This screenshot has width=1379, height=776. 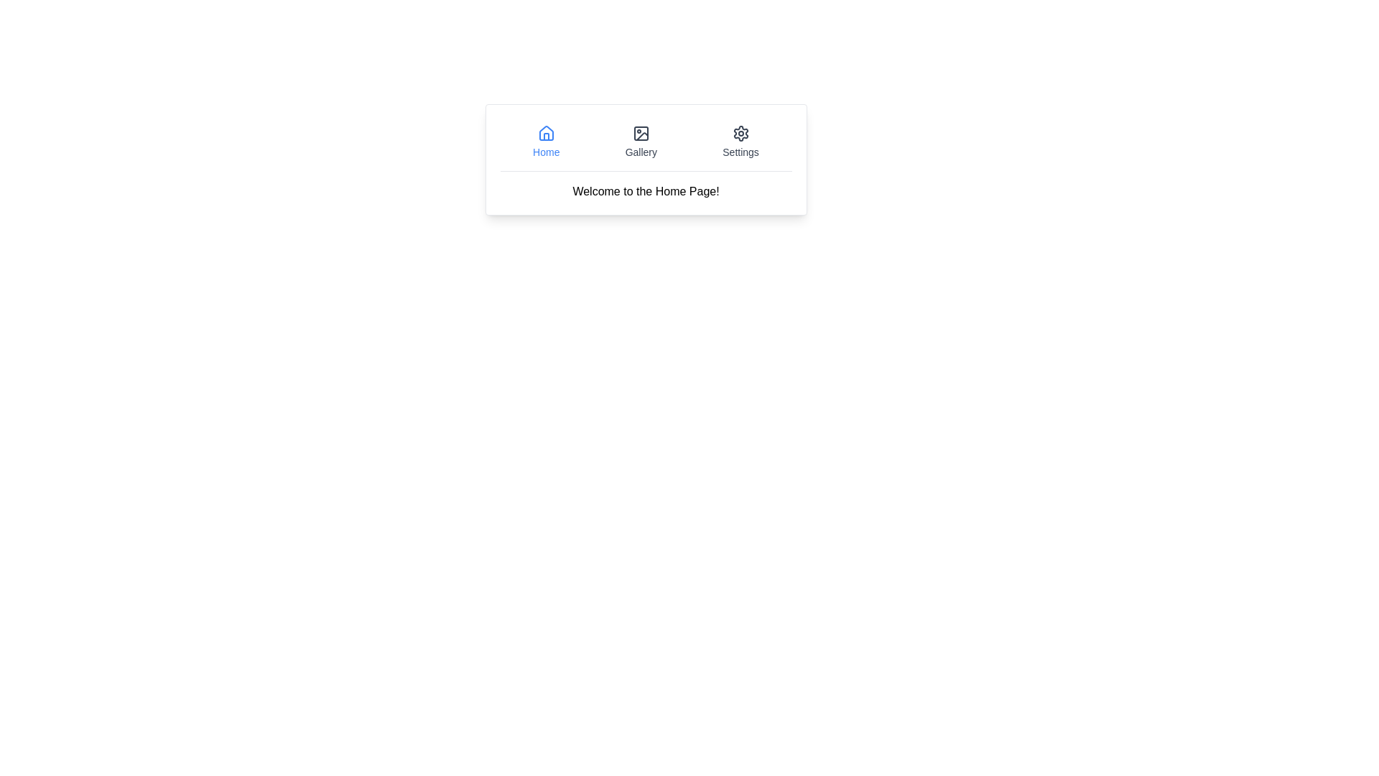 What do you see at coordinates (640, 142) in the screenshot?
I see `the 'Gallery' button, which is the second item in the horizontal navigation bar` at bounding box center [640, 142].